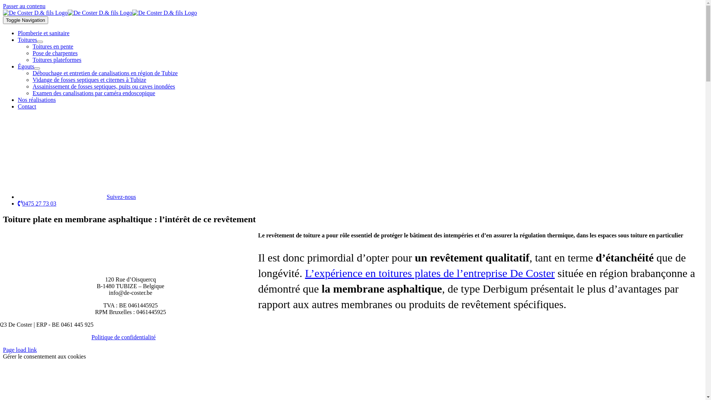 The image size is (711, 400). Describe the element at coordinates (77, 196) in the screenshot. I see `'Suivez-nous'` at that location.